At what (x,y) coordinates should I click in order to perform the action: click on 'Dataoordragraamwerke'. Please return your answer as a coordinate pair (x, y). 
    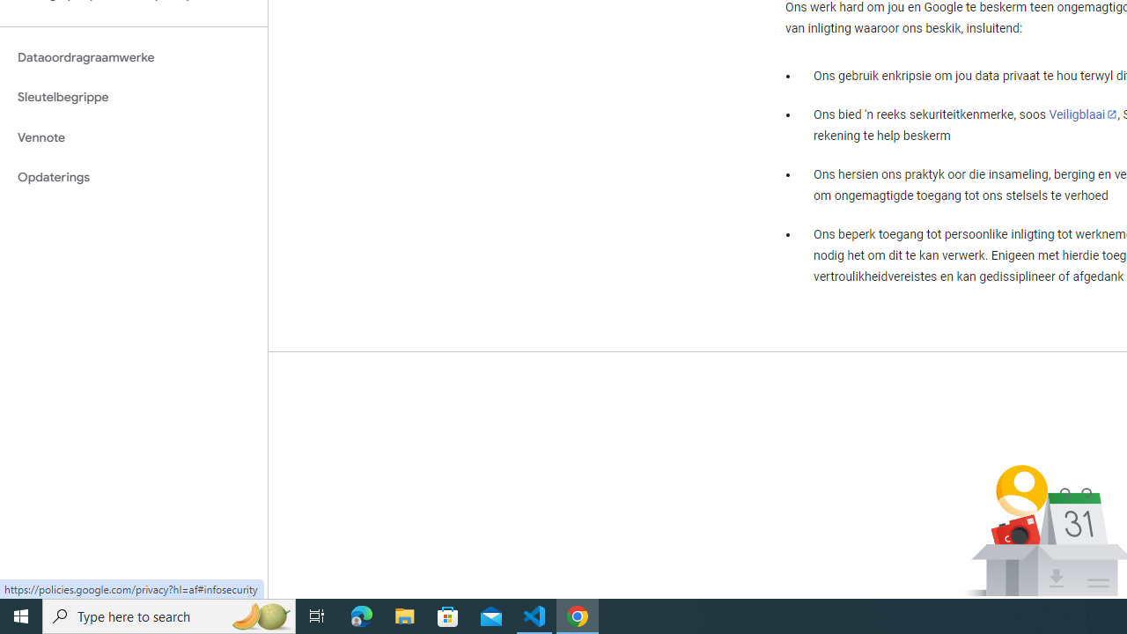
    Looking at the image, I should click on (133, 56).